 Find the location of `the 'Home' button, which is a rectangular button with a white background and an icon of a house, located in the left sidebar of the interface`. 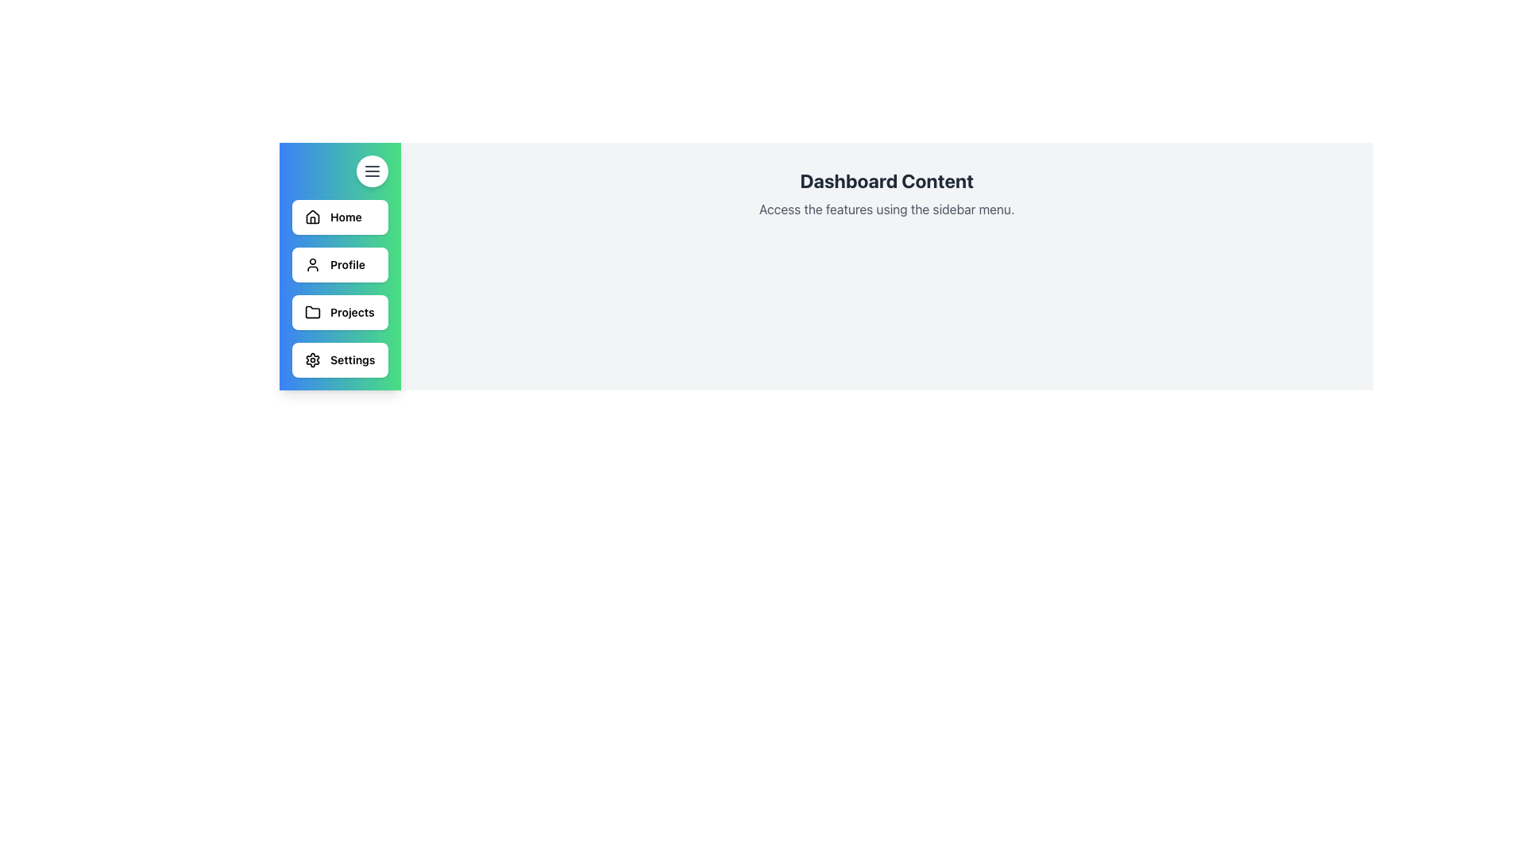

the 'Home' button, which is a rectangular button with a white background and an icon of a house, located in the left sidebar of the interface is located at coordinates (339, 217).